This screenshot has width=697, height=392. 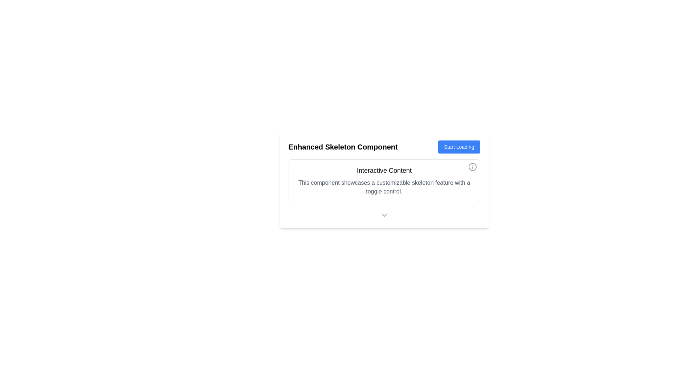 I want to click on the downward chevron icon located centrally at the bottom of the 'Enhanced Skeleton Component' card, so click(x=384, y=215).